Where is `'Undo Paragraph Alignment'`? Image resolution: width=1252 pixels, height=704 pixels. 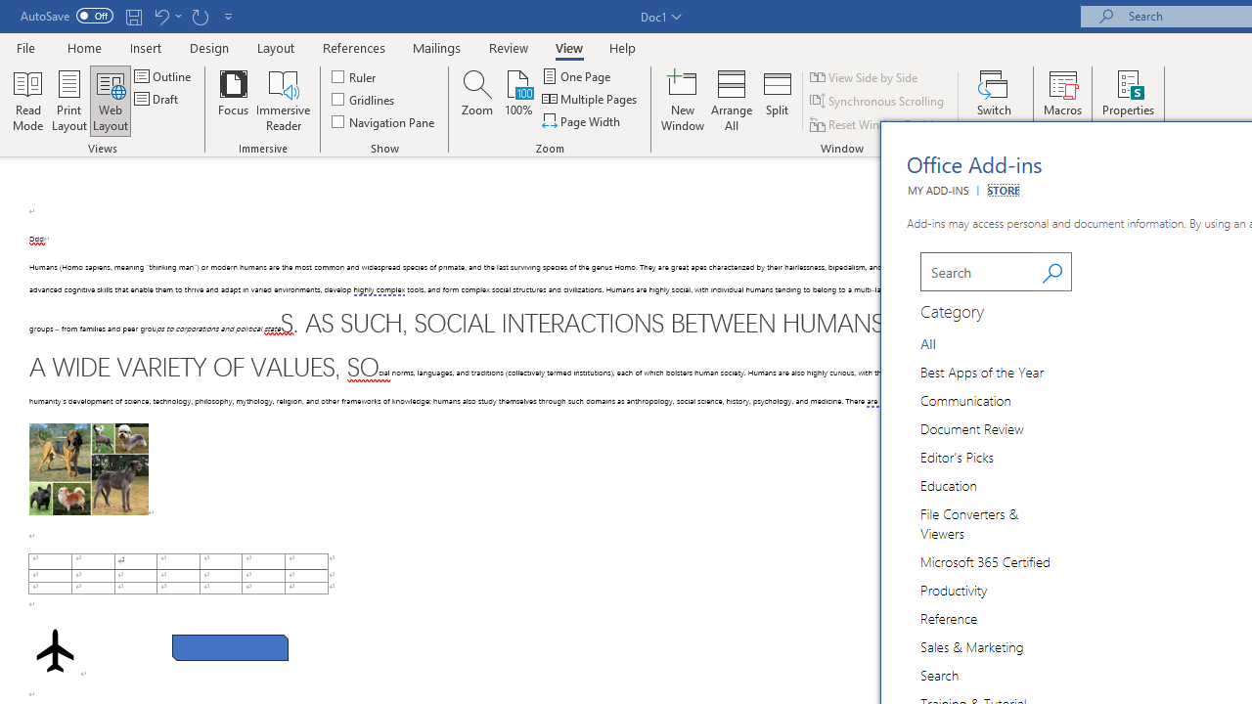 'Undo Paragraph Alignment' is located at coordinates (160, 16).